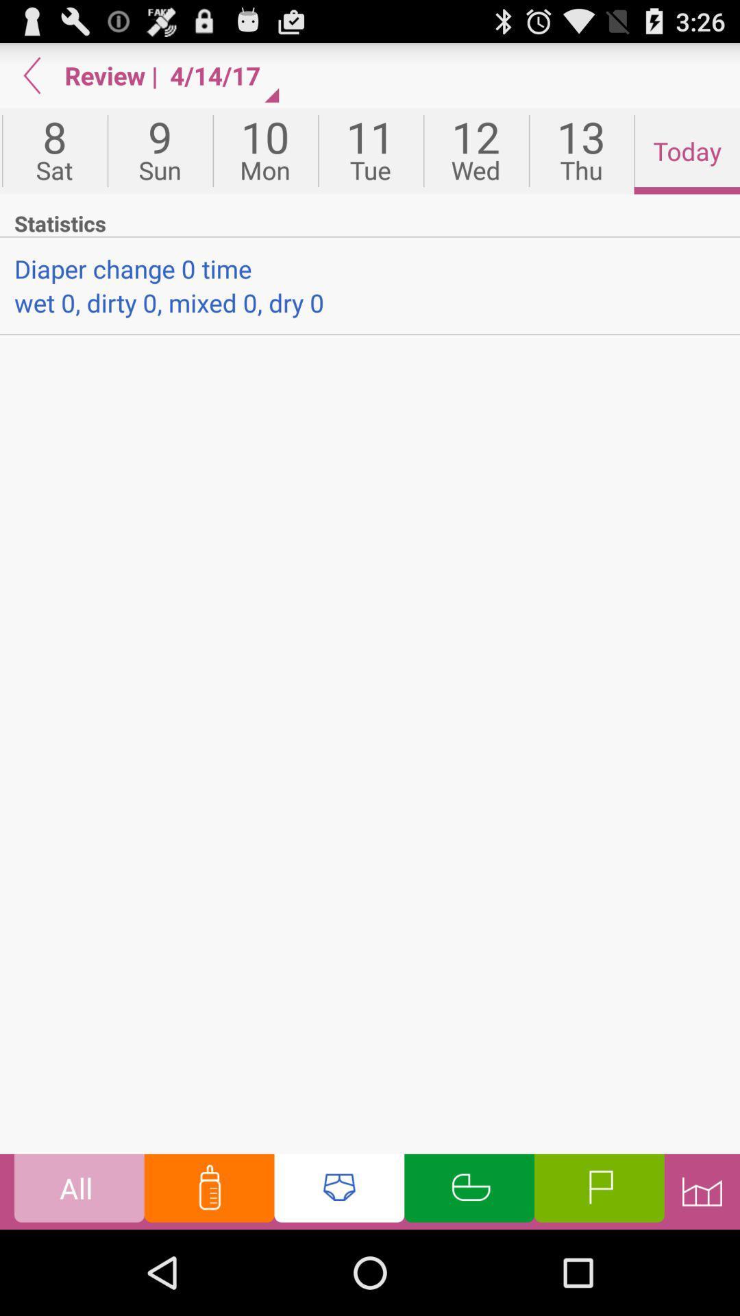 The width and height of the screenshot is (740, 1316). Describe the element at coordinates (370, 269) in the screenshot. I see `the item below statistics app` at that location.